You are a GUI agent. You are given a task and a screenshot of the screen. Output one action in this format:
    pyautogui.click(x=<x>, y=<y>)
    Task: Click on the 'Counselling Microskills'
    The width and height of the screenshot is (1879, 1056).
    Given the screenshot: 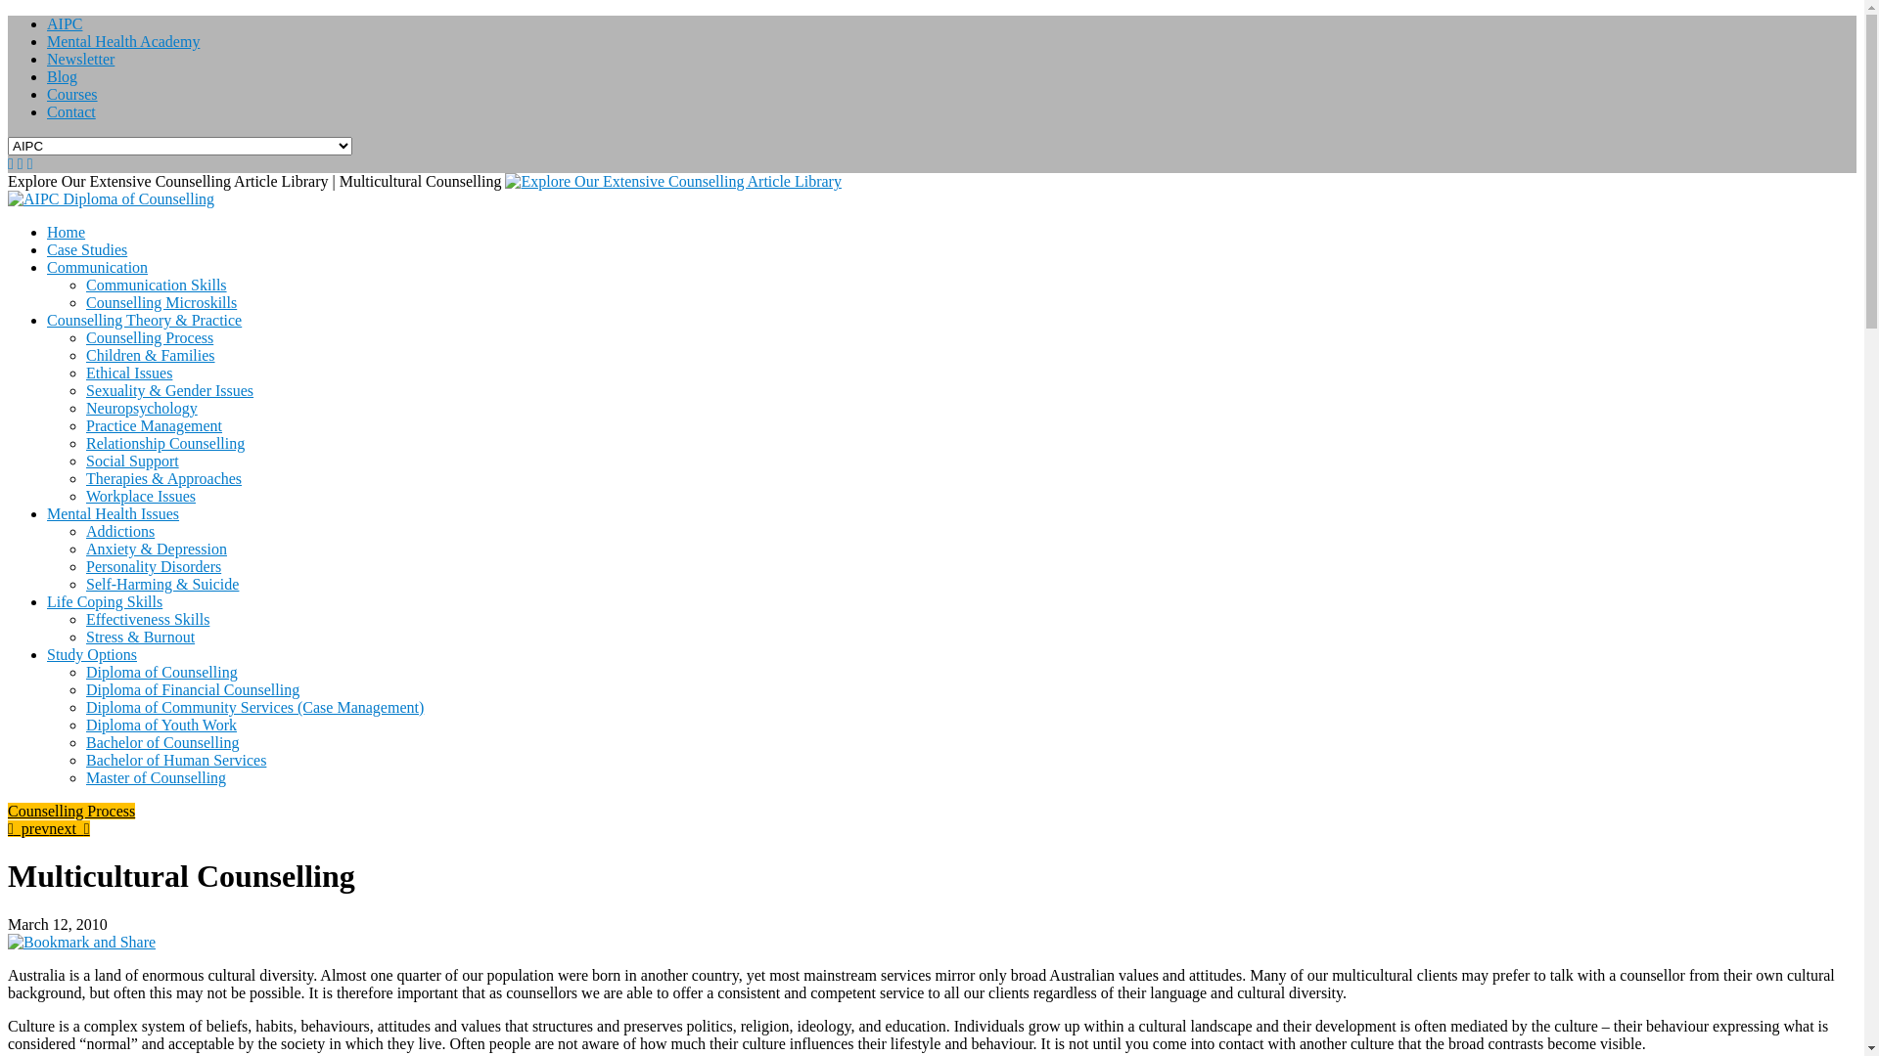 What is the action you would take?
    pyautogui.click(x=160, y=302)
    